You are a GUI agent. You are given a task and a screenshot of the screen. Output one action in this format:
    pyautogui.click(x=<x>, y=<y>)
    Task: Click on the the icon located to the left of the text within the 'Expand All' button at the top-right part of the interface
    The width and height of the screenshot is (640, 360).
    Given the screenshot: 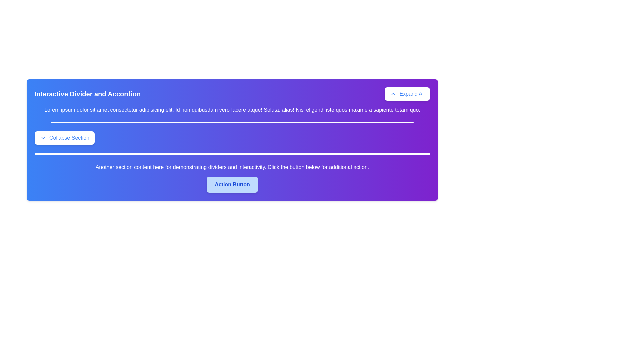 What is the action you would take?
    pyautogui.click(x=393, y=94)
    